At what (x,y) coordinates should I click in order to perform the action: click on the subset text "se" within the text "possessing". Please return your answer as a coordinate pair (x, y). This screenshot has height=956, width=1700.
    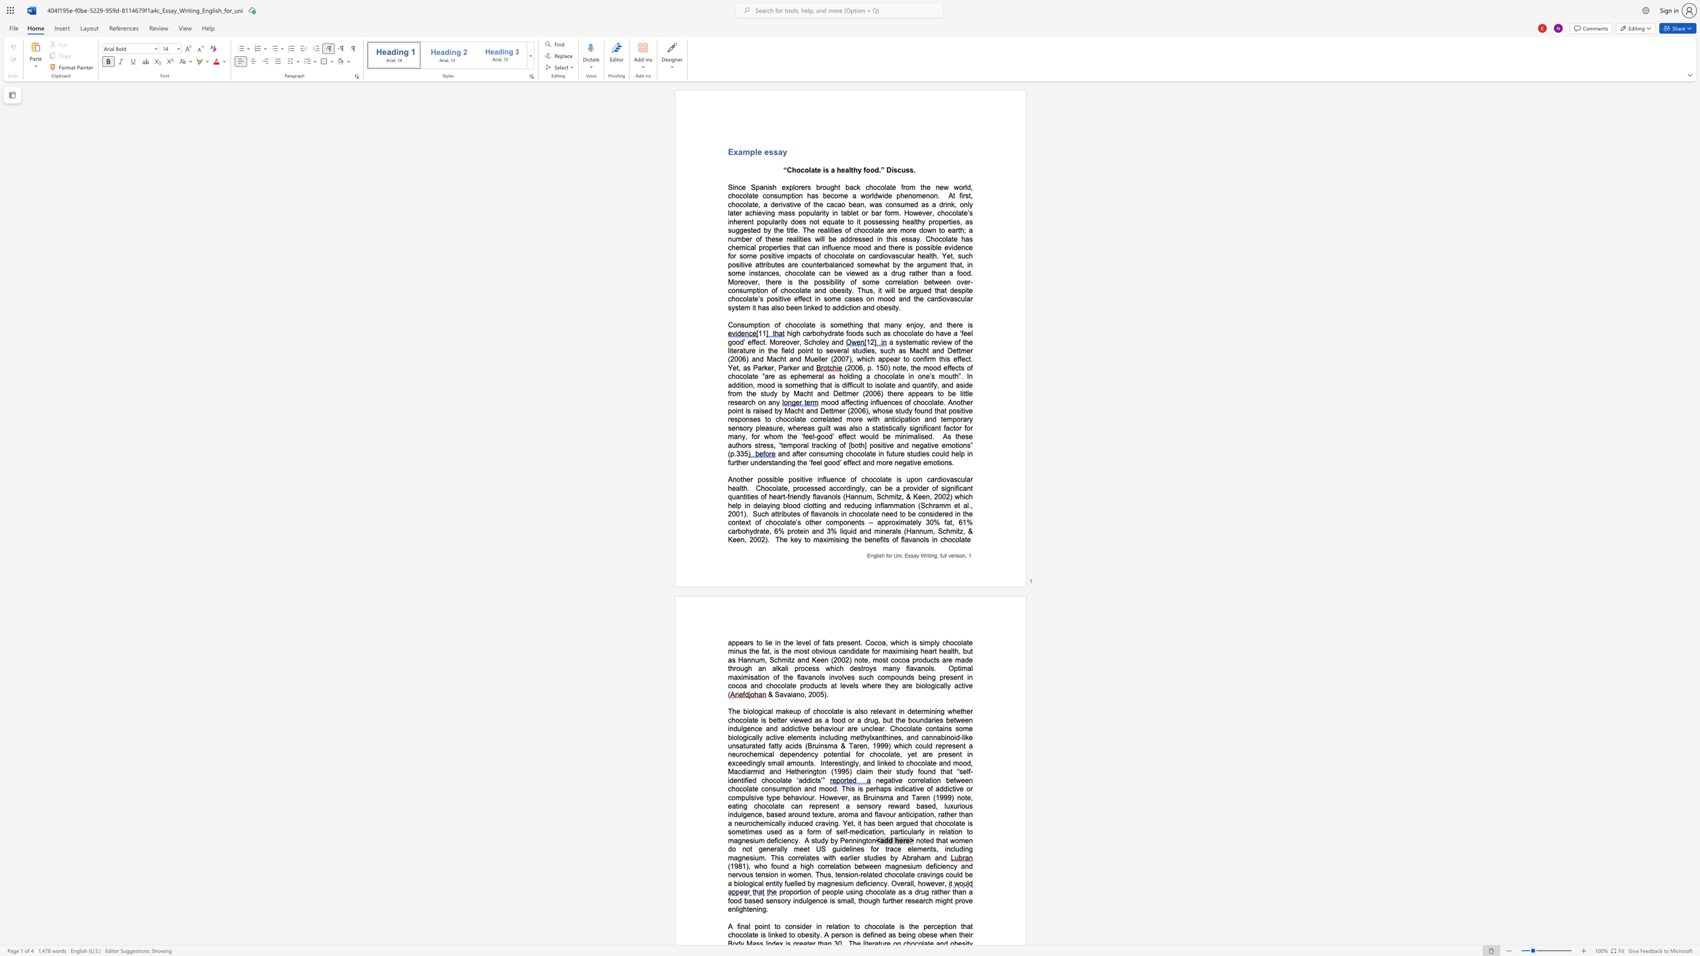
    Looking at the image, I should click on (875, 221).